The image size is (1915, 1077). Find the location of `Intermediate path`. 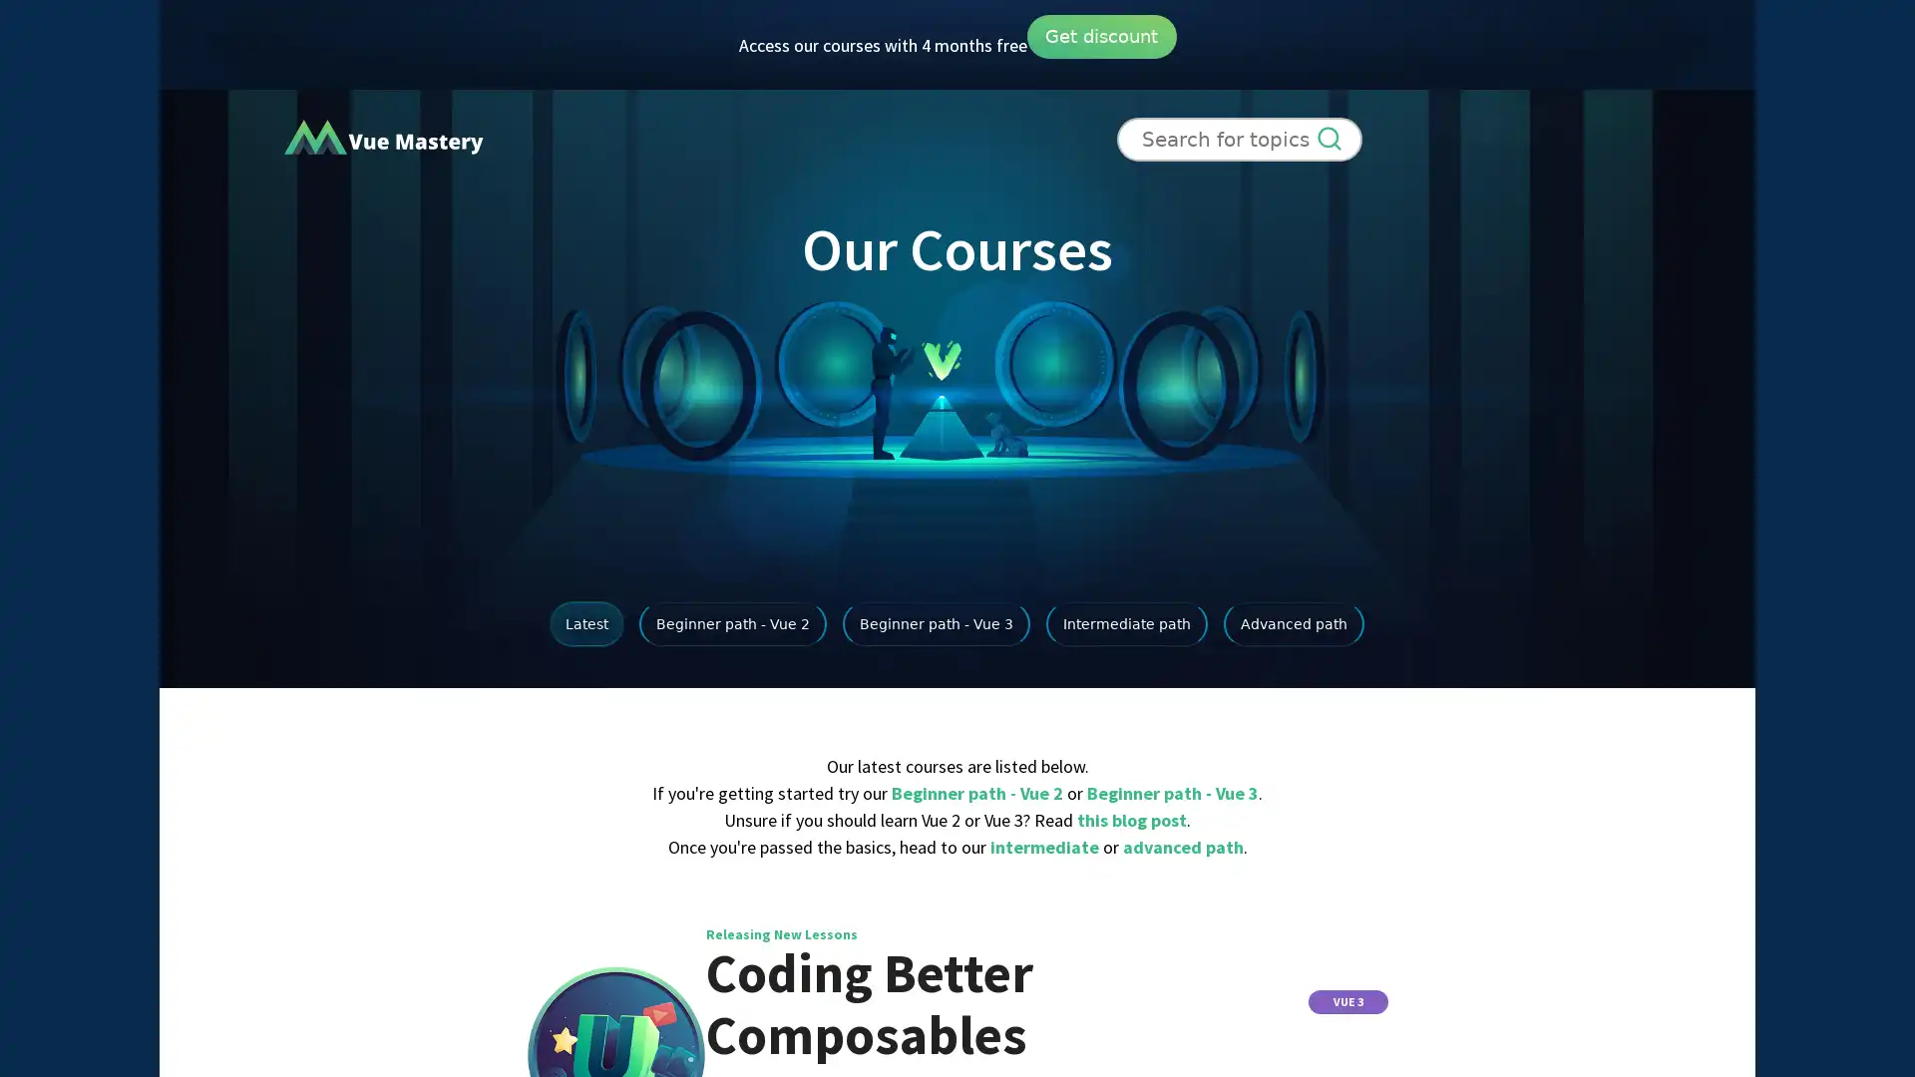

Intermediate path is located at coordinates (1189, 622).